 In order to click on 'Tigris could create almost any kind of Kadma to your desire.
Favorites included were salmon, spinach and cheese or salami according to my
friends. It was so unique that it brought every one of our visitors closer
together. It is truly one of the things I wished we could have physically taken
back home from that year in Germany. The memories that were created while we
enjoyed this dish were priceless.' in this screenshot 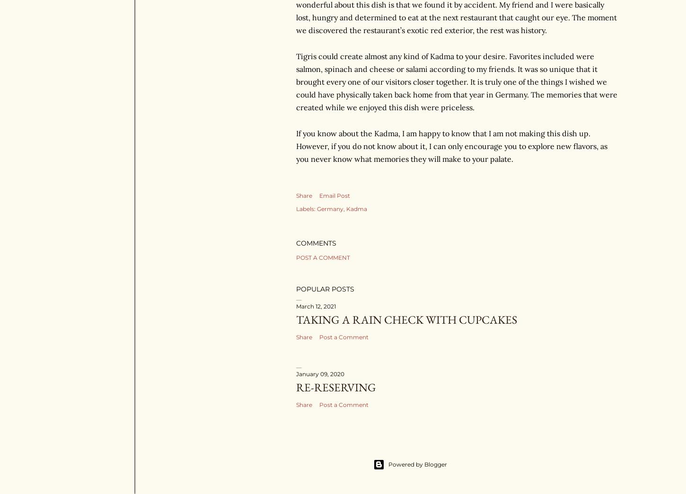, I will do `click(456, 81)`.